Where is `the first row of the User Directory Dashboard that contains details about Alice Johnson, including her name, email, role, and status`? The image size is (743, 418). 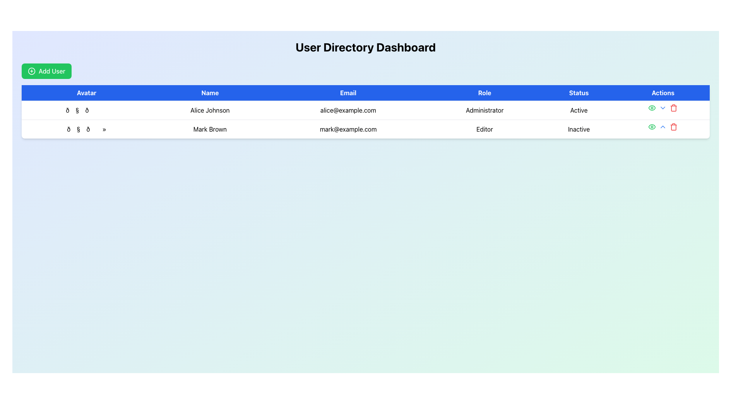 the first row of the User Directory Dashboard that contains details about Alice Johnson, including her name, email, role, and status is located at coordinates (365, 110).